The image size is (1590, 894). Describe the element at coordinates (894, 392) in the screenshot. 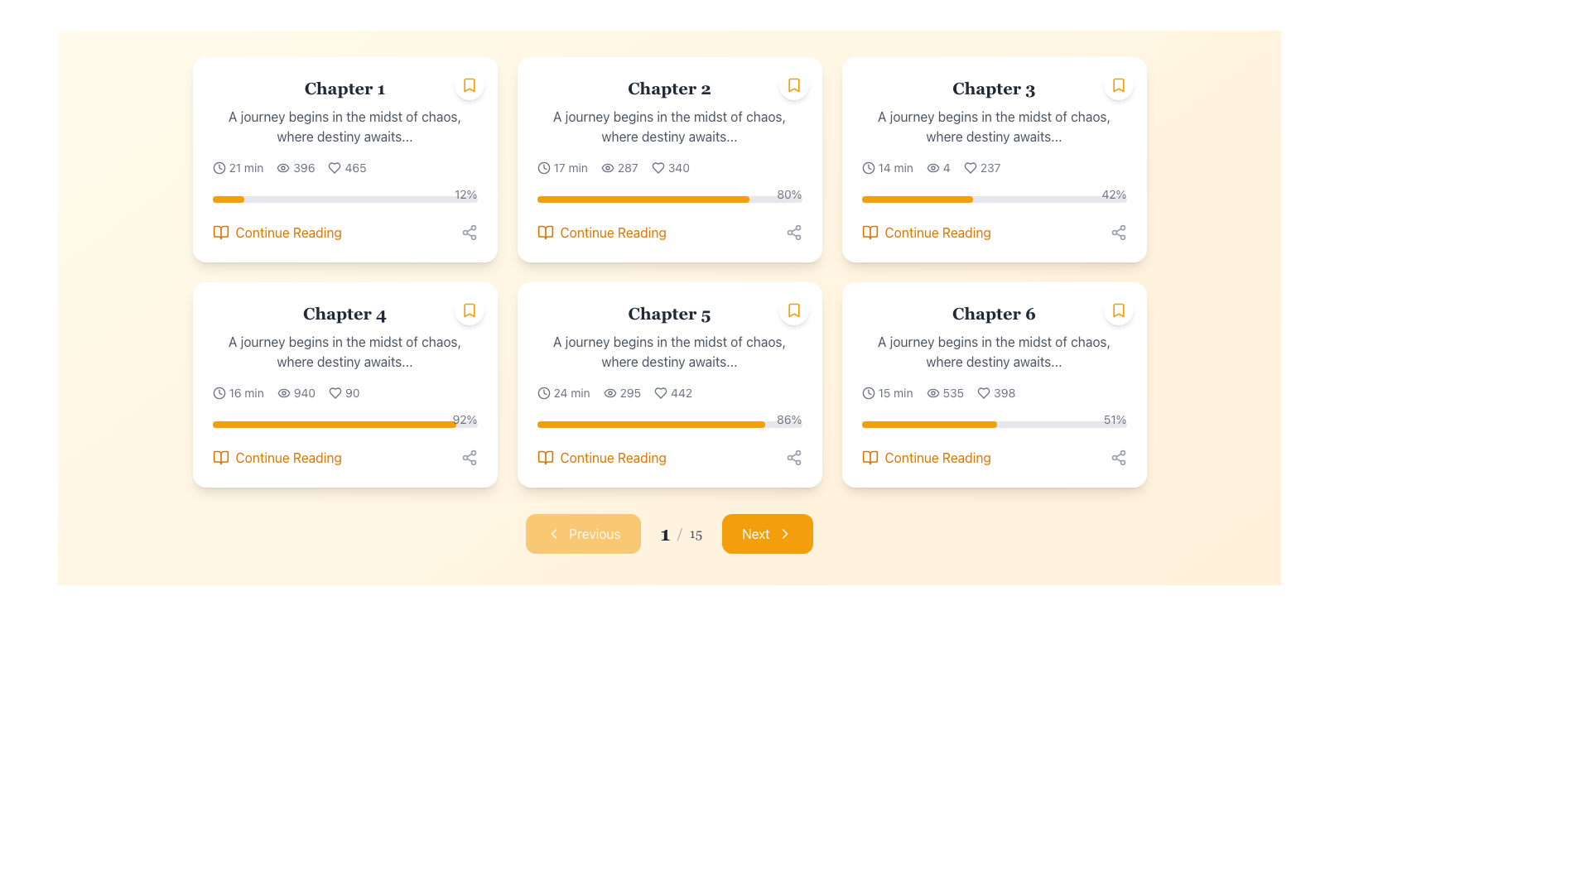

I see `the text label displaying '15 min' which is located within the 'Chapter 6' card, positioned below the title and adjacent to the clock icon` at that location.